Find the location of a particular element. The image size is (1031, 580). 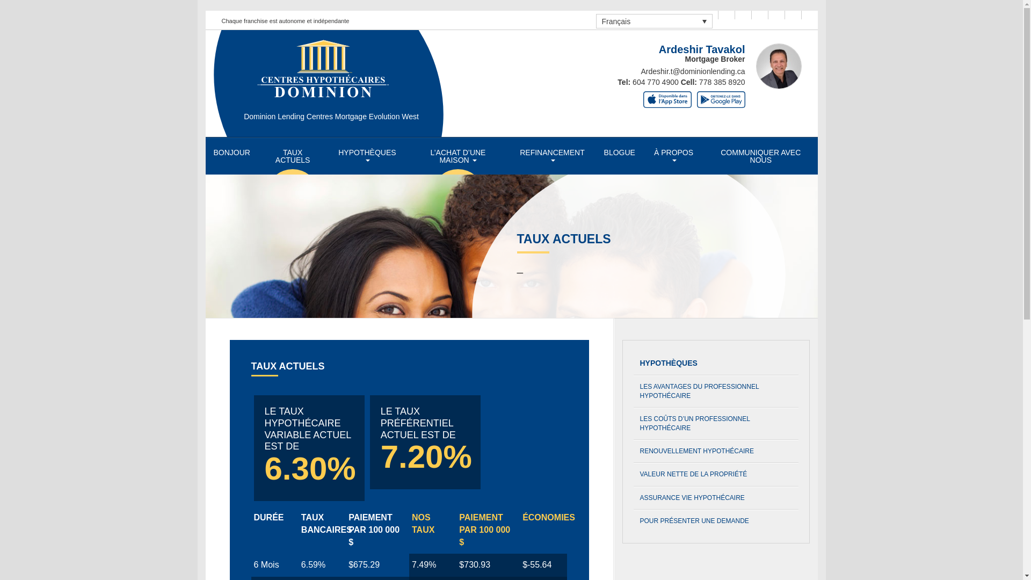

'Ardeshir.t@dominionlending.ca' is located at coordinates (693, 71).